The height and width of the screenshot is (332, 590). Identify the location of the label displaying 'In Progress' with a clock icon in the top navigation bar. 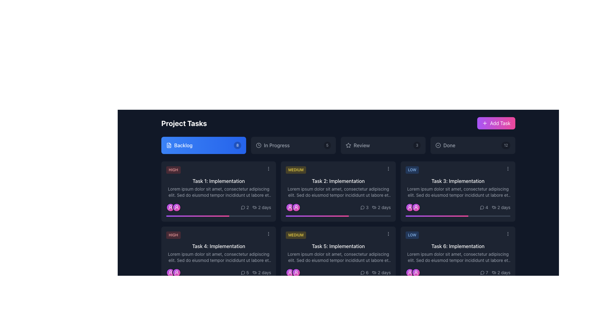
(272, 145).